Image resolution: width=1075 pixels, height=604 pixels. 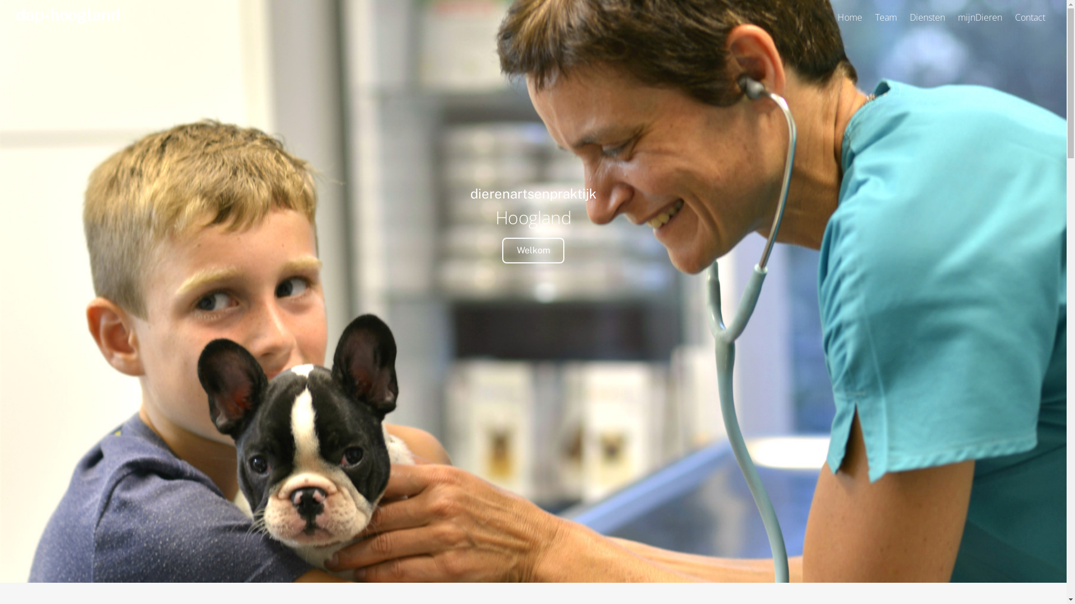 I want to click on 'Diensten', so click(x=927, y=17).